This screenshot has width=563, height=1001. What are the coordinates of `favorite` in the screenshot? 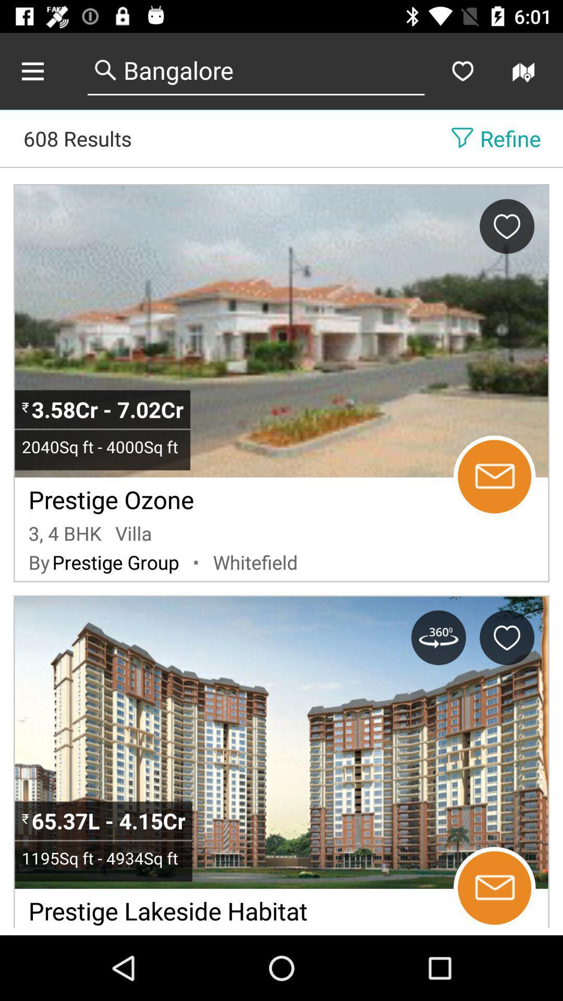 It's located at (506, 226).